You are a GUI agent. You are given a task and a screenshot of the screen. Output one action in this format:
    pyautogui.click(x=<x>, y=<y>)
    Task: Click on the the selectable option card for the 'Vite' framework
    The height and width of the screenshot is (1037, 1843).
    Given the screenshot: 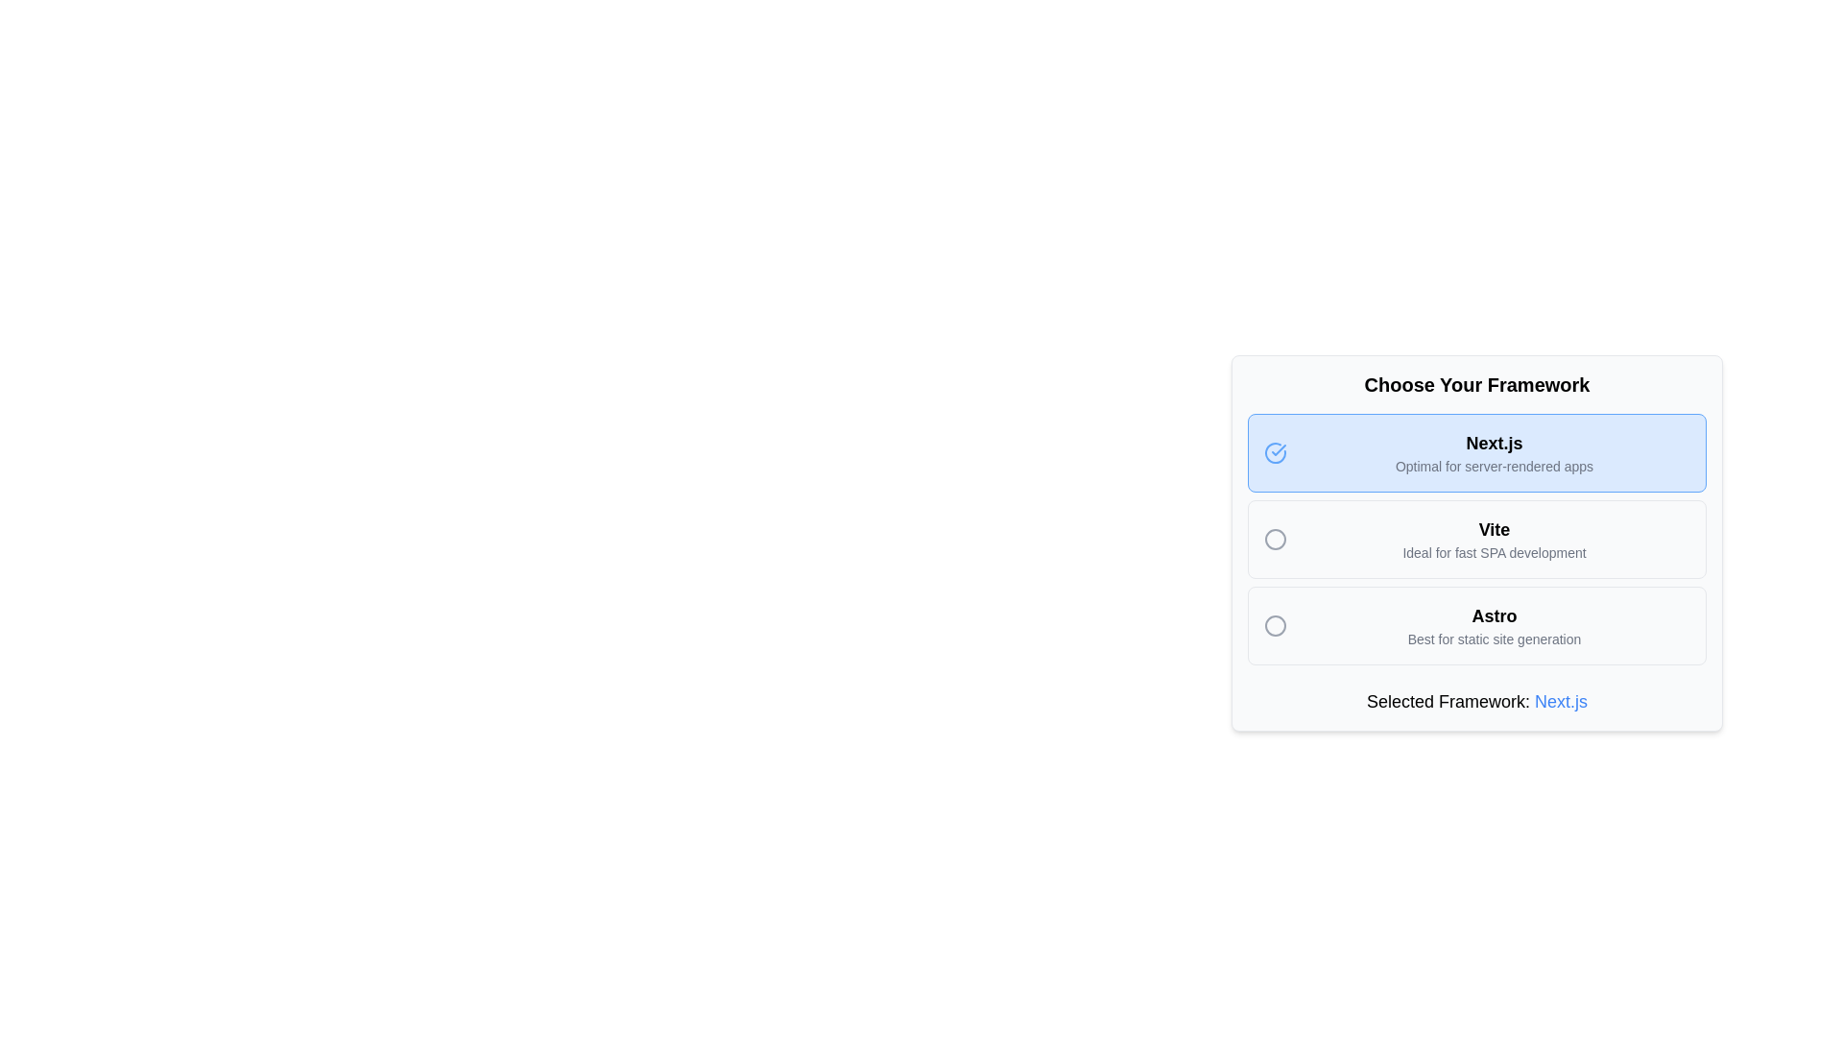 What is the action you would take?
    pyautogui.click(x=1476, y=540)
    